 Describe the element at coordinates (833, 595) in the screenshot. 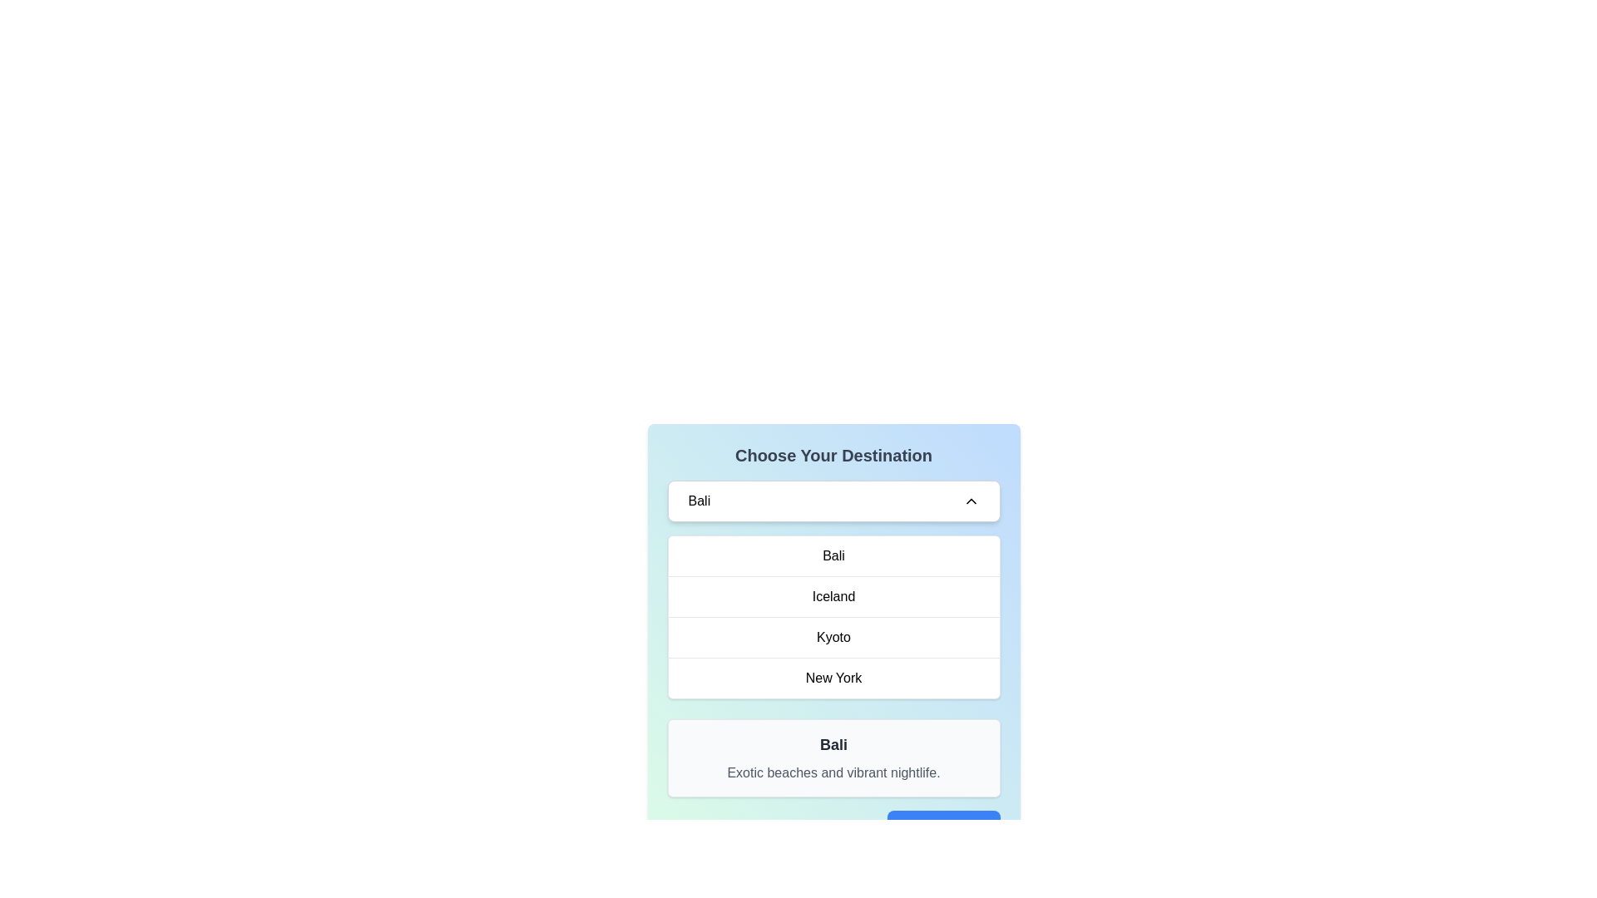

I see `the dropdown list item displaying 'Iceland'` at that location.